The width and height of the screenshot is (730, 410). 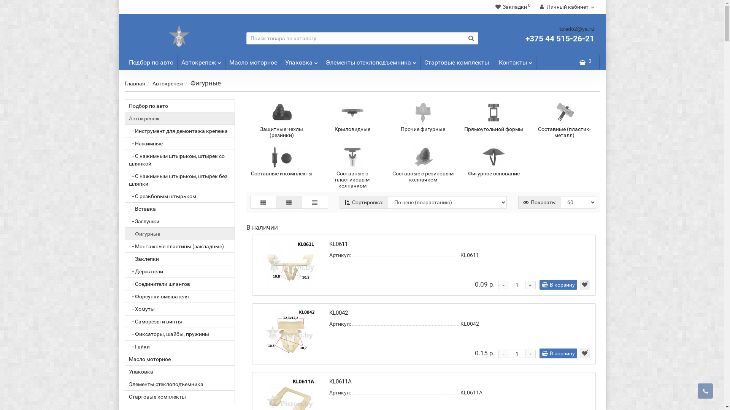 I want to click on '+', so click(x=530, y=285).